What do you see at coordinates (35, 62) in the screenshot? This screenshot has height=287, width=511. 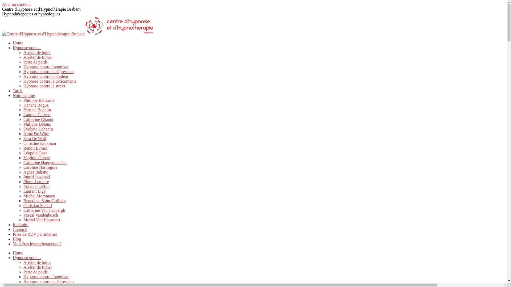 I see `'Perte de poids'` at bounding box center [35, 62].